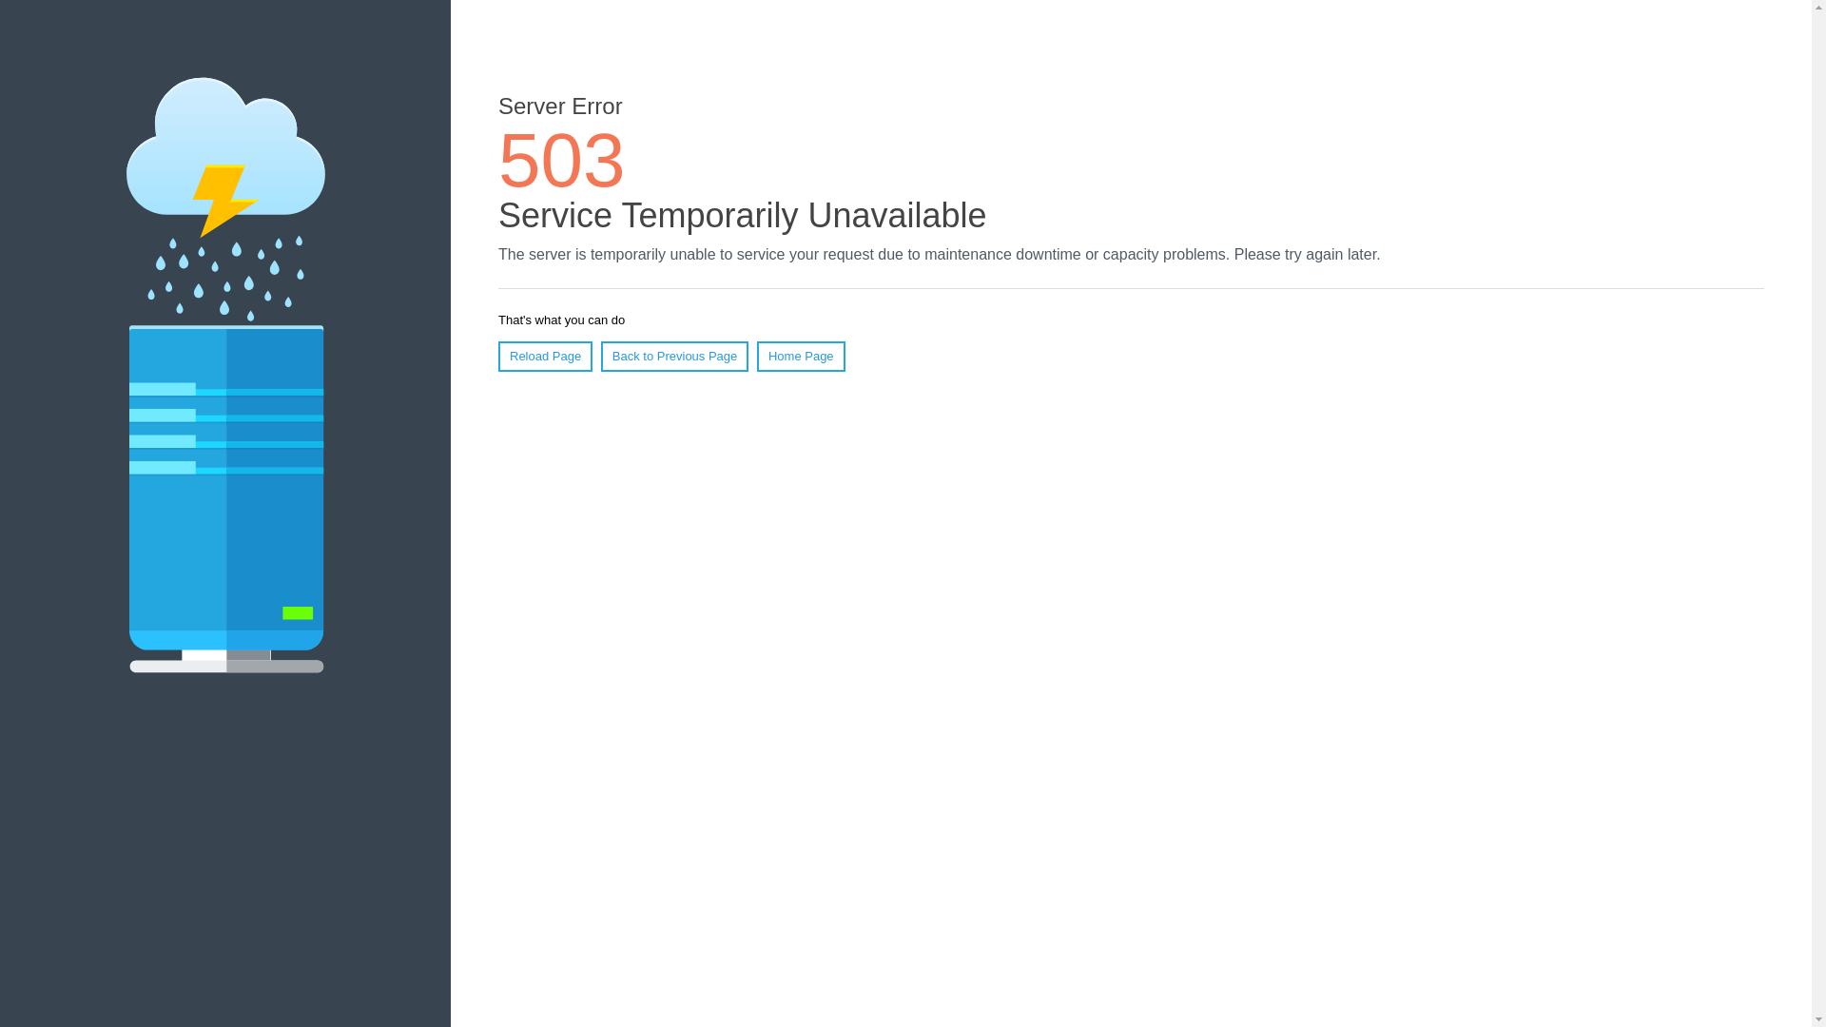 This screenshot has height=1027, width=1826. I want to click on 'Reload Page', so click(544, 356).